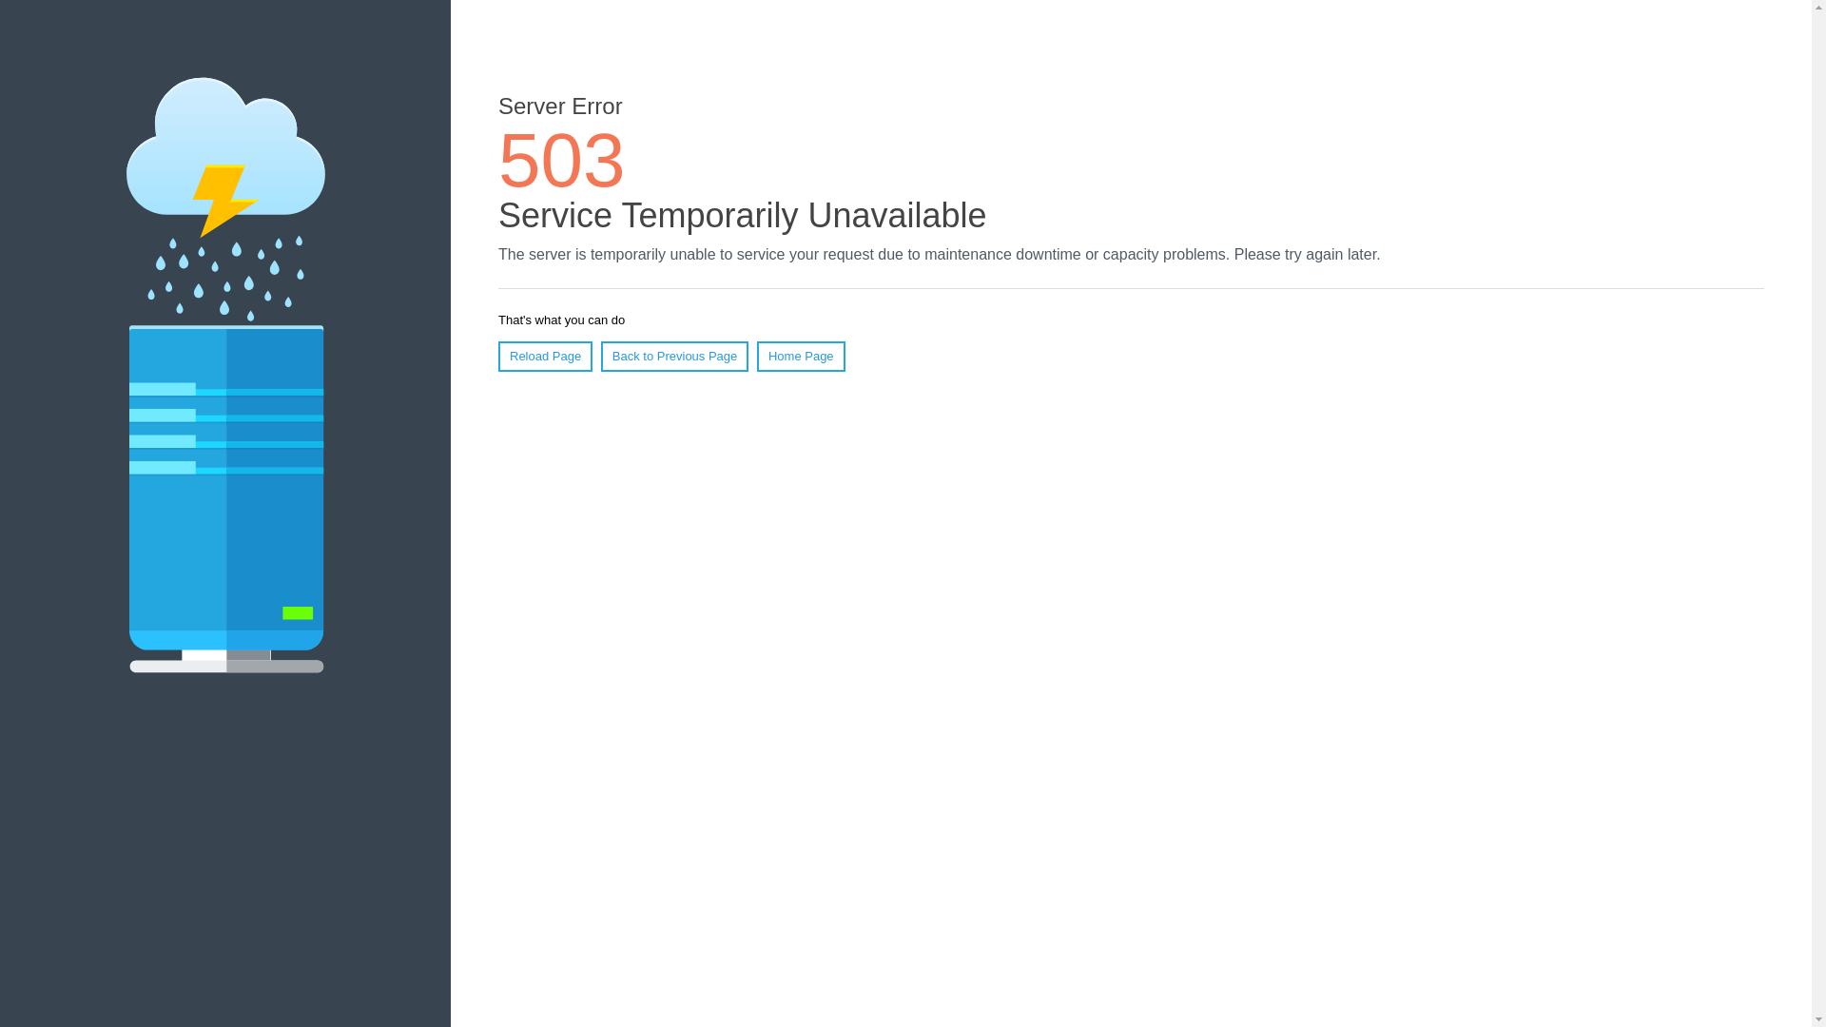 This screenshot has height=1027, width=1826. I want to click on 'Reload Page', so click(544, 356).